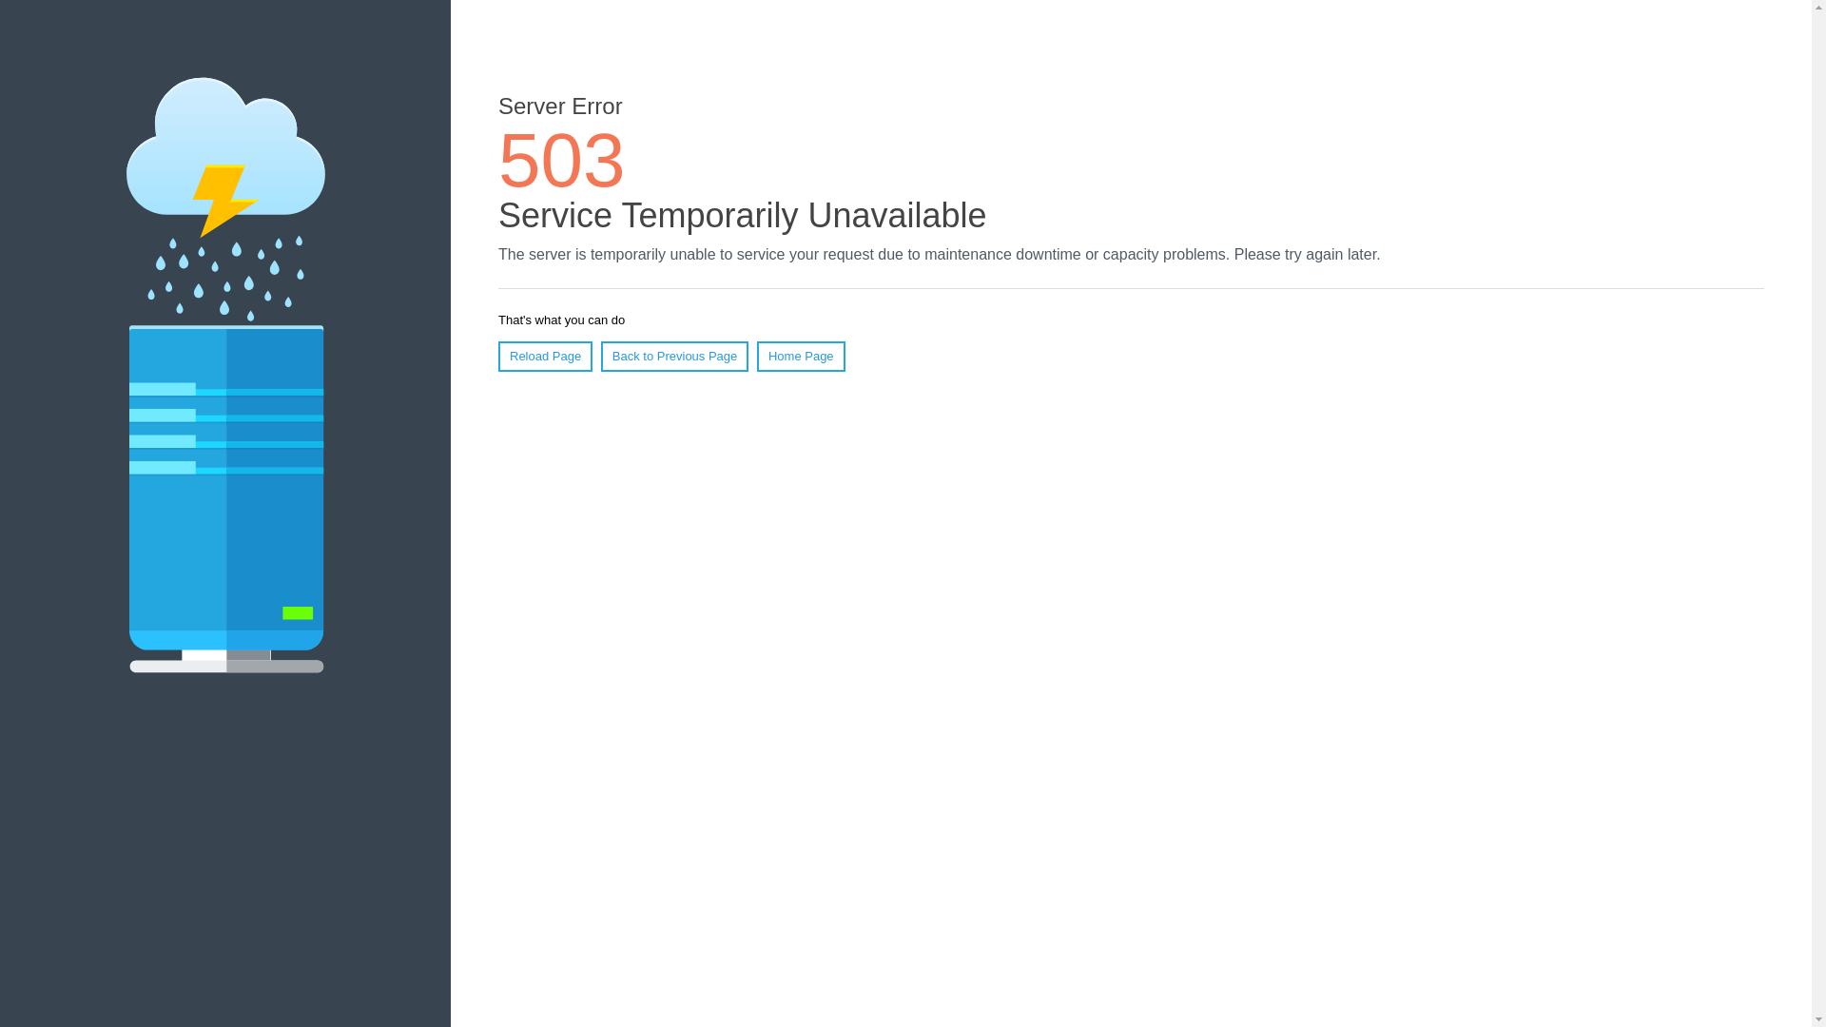 This screenshot has height=1027, width=1826. I want to click on 'Reload Page', so click(544, 356).